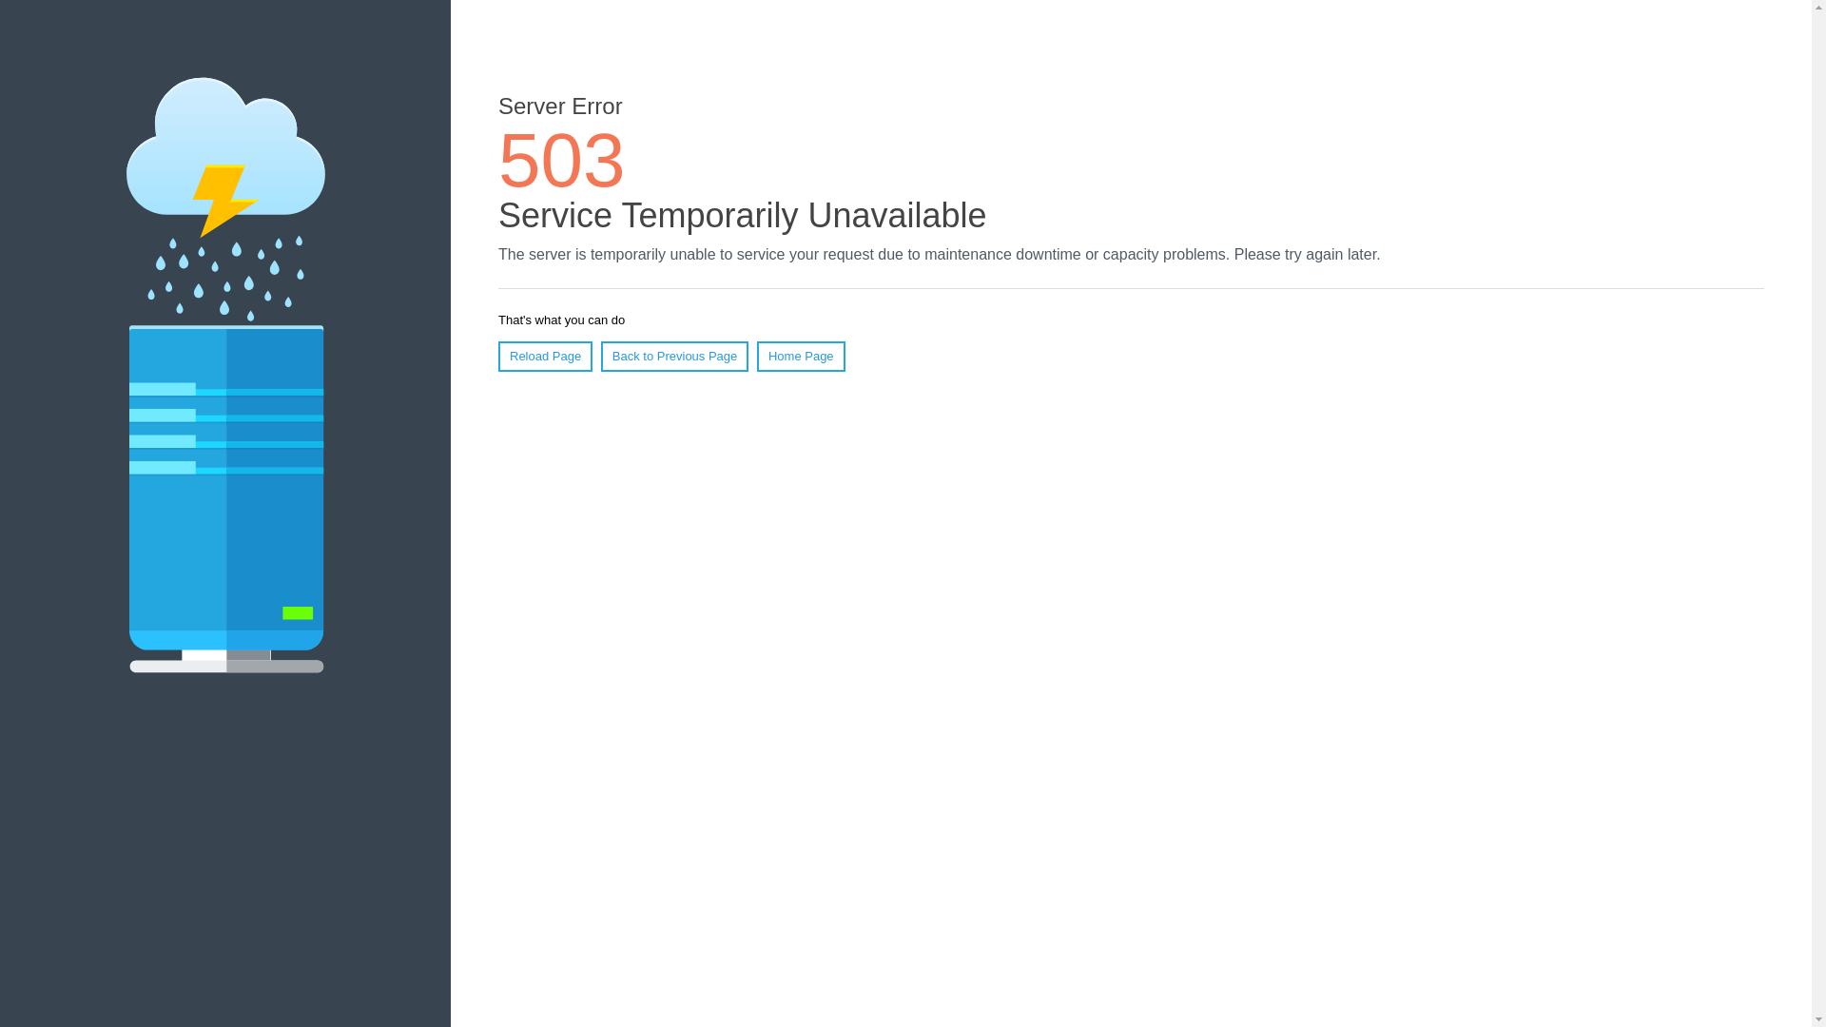 This screenshot has height=1027, width=1826. I want to click on 'Reload Page', so click(544, 356).